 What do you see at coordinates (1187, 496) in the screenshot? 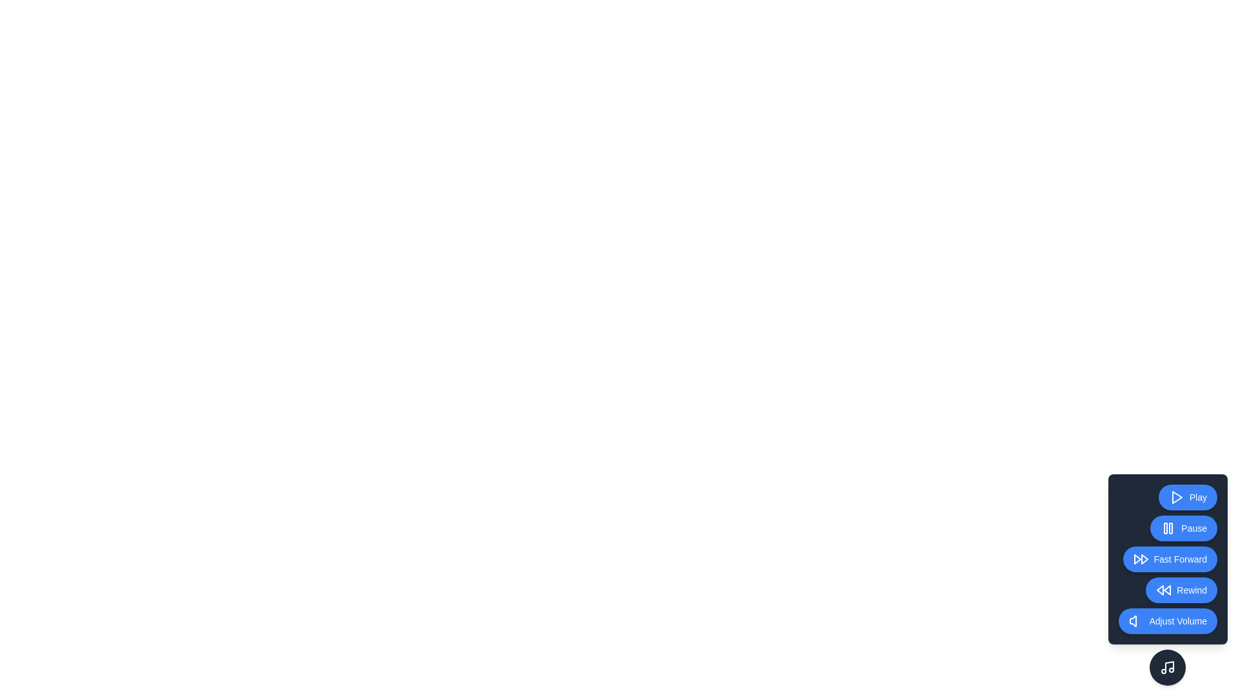
I see `the Play button to activate the corresponding playback control` at bounding box center [1187, 496].